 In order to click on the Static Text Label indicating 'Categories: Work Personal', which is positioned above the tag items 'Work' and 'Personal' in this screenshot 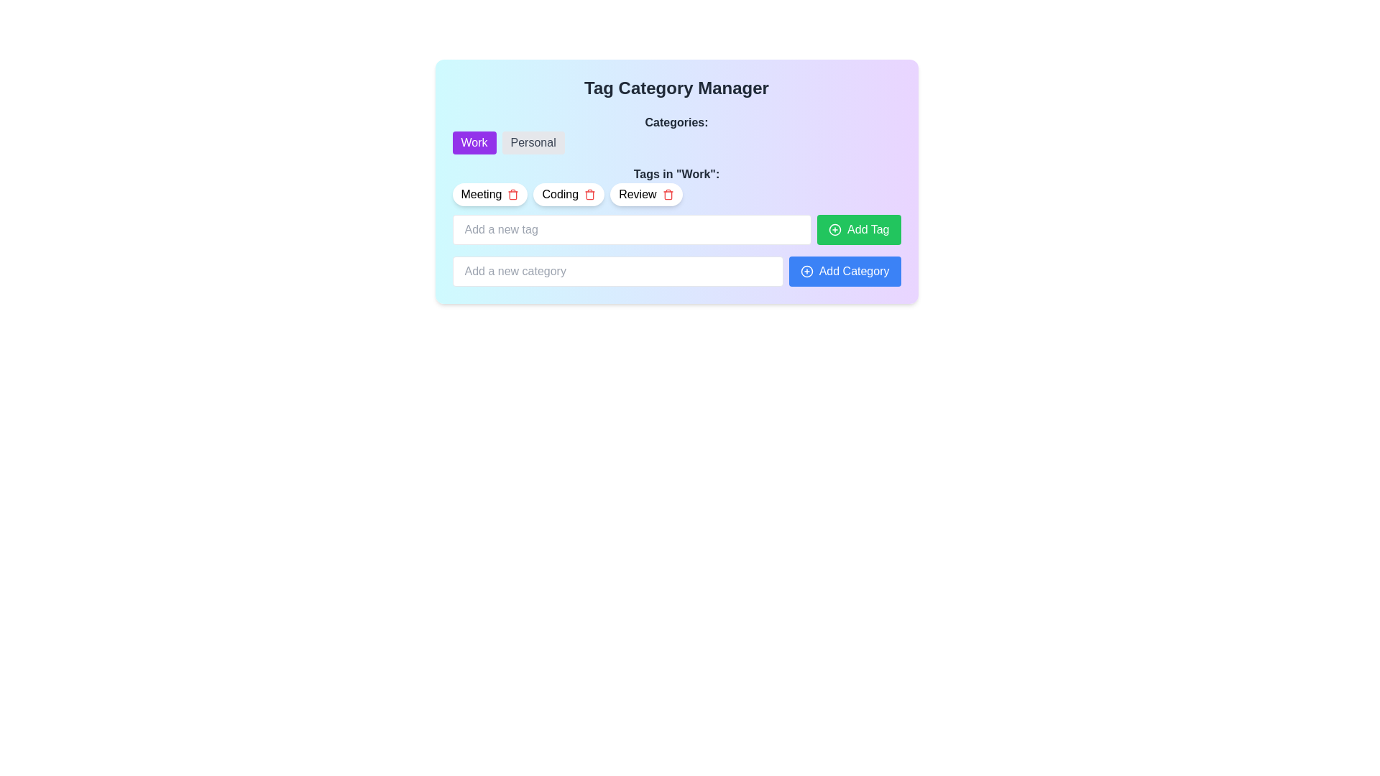, I will do `click(676, 121)`.